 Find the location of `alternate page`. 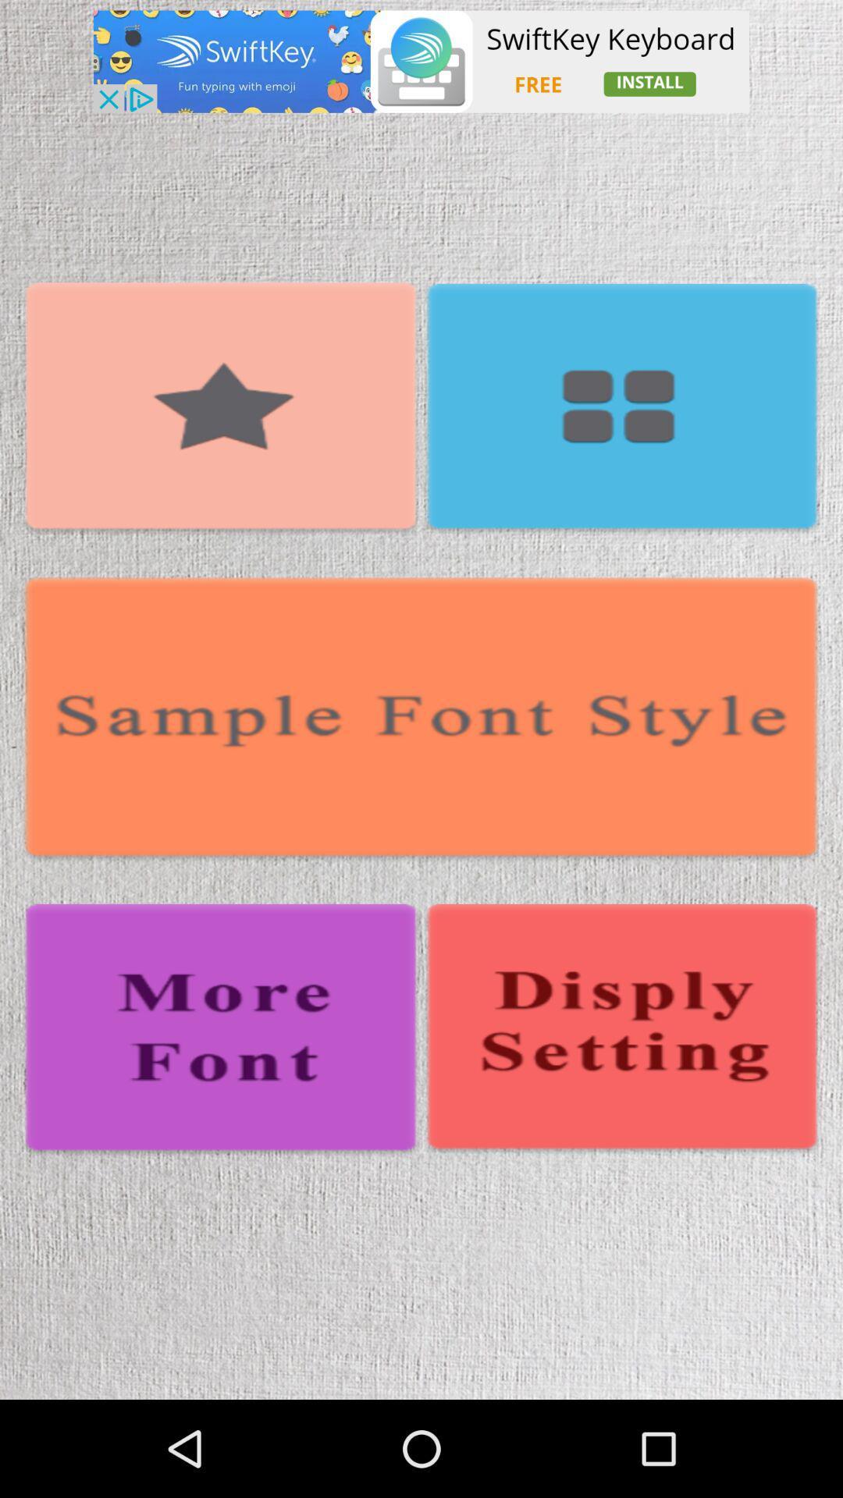

alternate page is located at coordinates (621, 1030).